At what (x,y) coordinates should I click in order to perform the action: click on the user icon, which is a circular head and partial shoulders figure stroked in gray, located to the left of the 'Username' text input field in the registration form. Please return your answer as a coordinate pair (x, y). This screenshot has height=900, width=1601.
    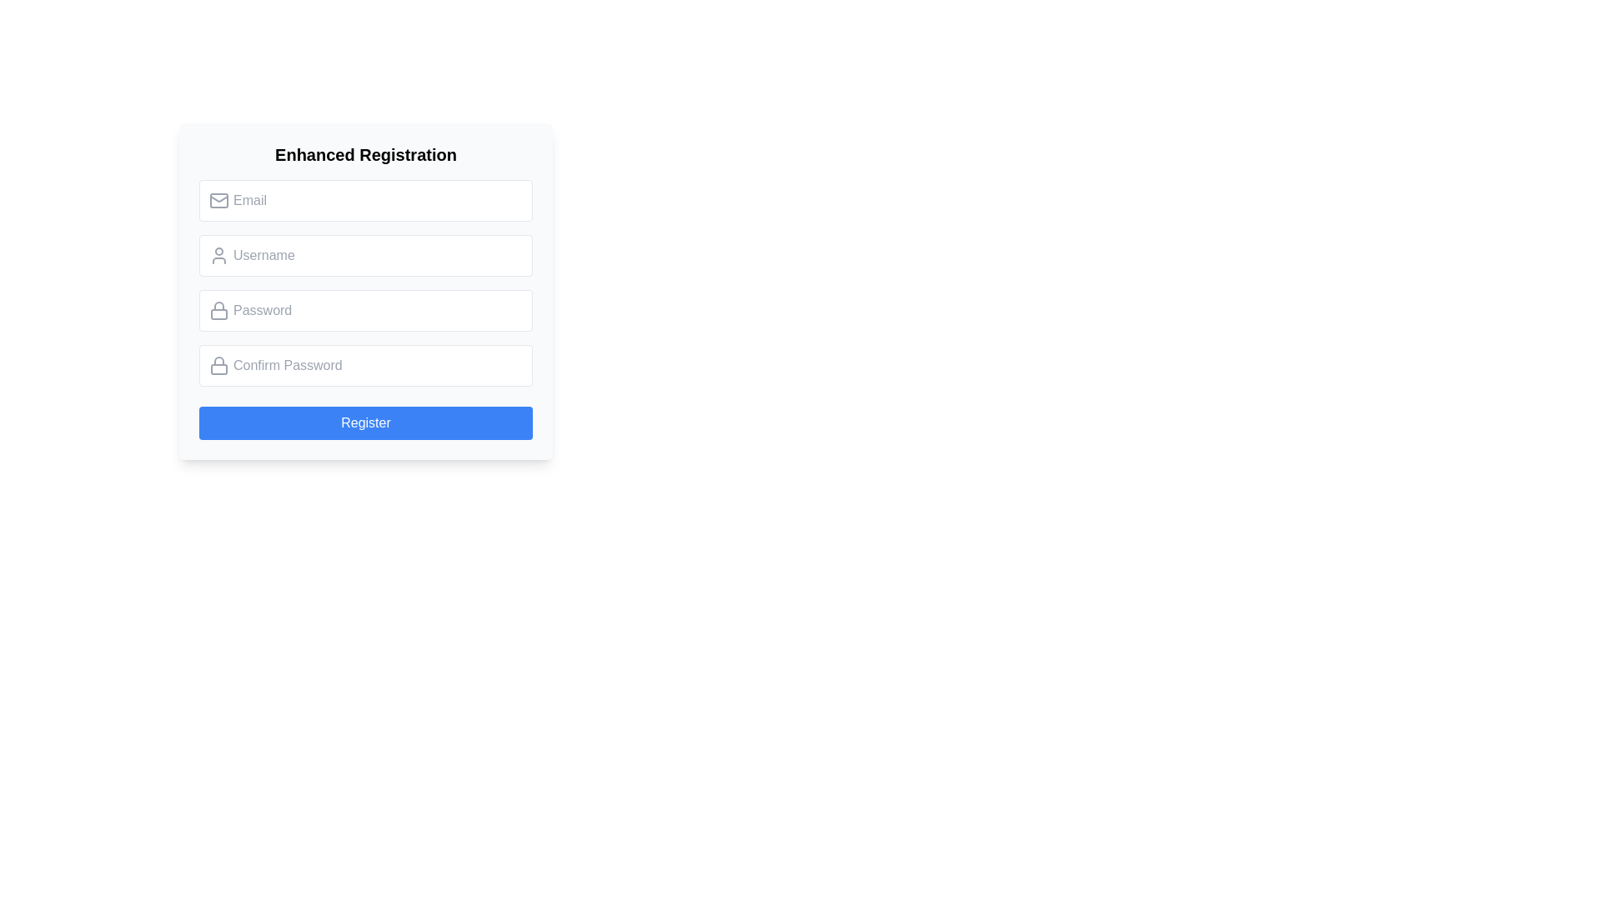
    Looking at the image, I should click on (218, 256).